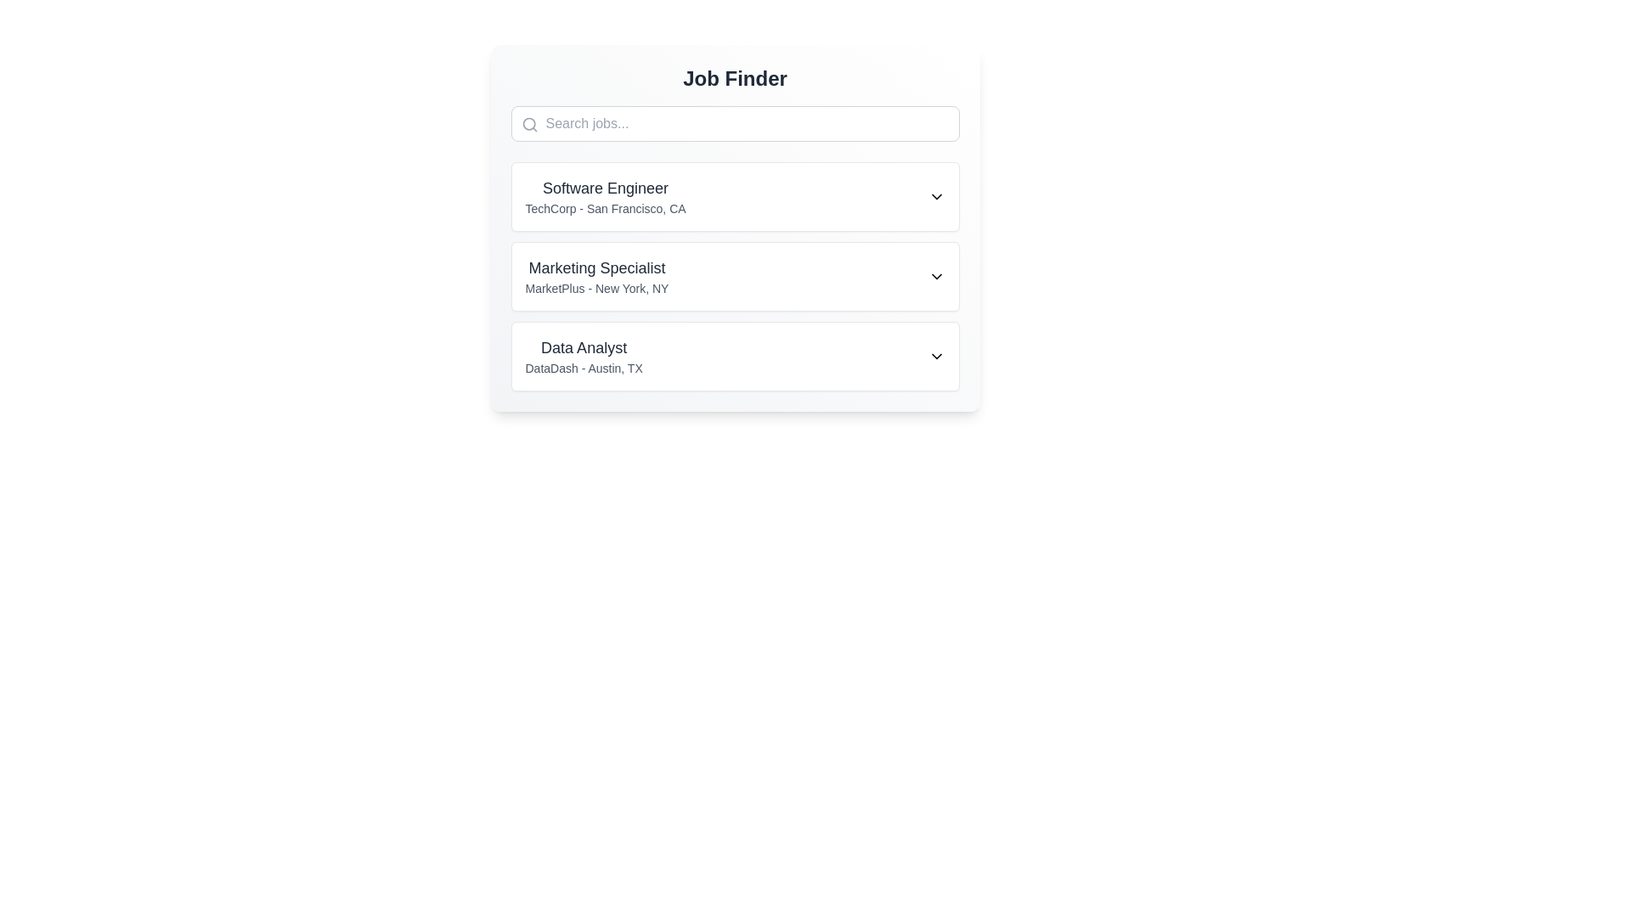 This screenshot has width=1631, height=917. Describe the element at coordinates (606, 208) in the screenshot. I see `the text label containing 'TechCorp - San Francisco, CA', which is styled in a smaller, lighter gray tone and positioned below the title 'Software Engineer' within the job posting card` at that location.